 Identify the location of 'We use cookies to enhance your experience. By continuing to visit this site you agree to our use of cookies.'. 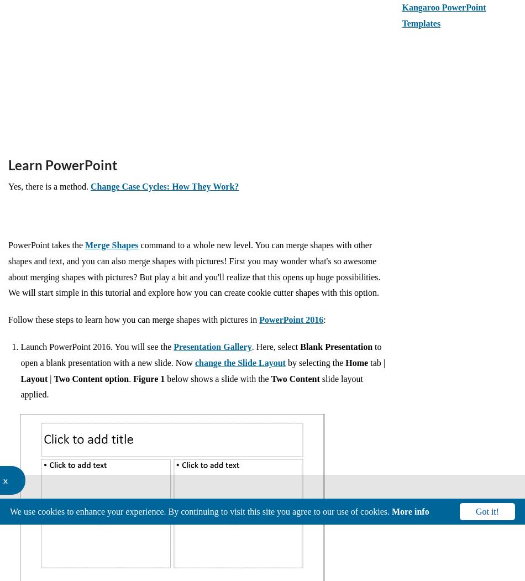
(200, 511).